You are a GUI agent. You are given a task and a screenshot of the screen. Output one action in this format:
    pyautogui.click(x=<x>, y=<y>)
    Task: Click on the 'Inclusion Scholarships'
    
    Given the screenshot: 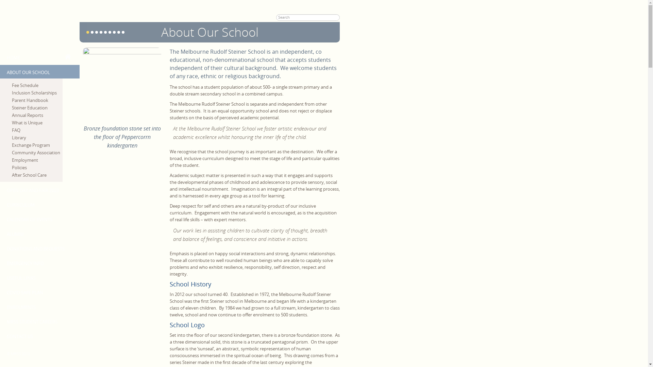 What is the action you would take?
    pyautogui.click(x=37, y=93)
    